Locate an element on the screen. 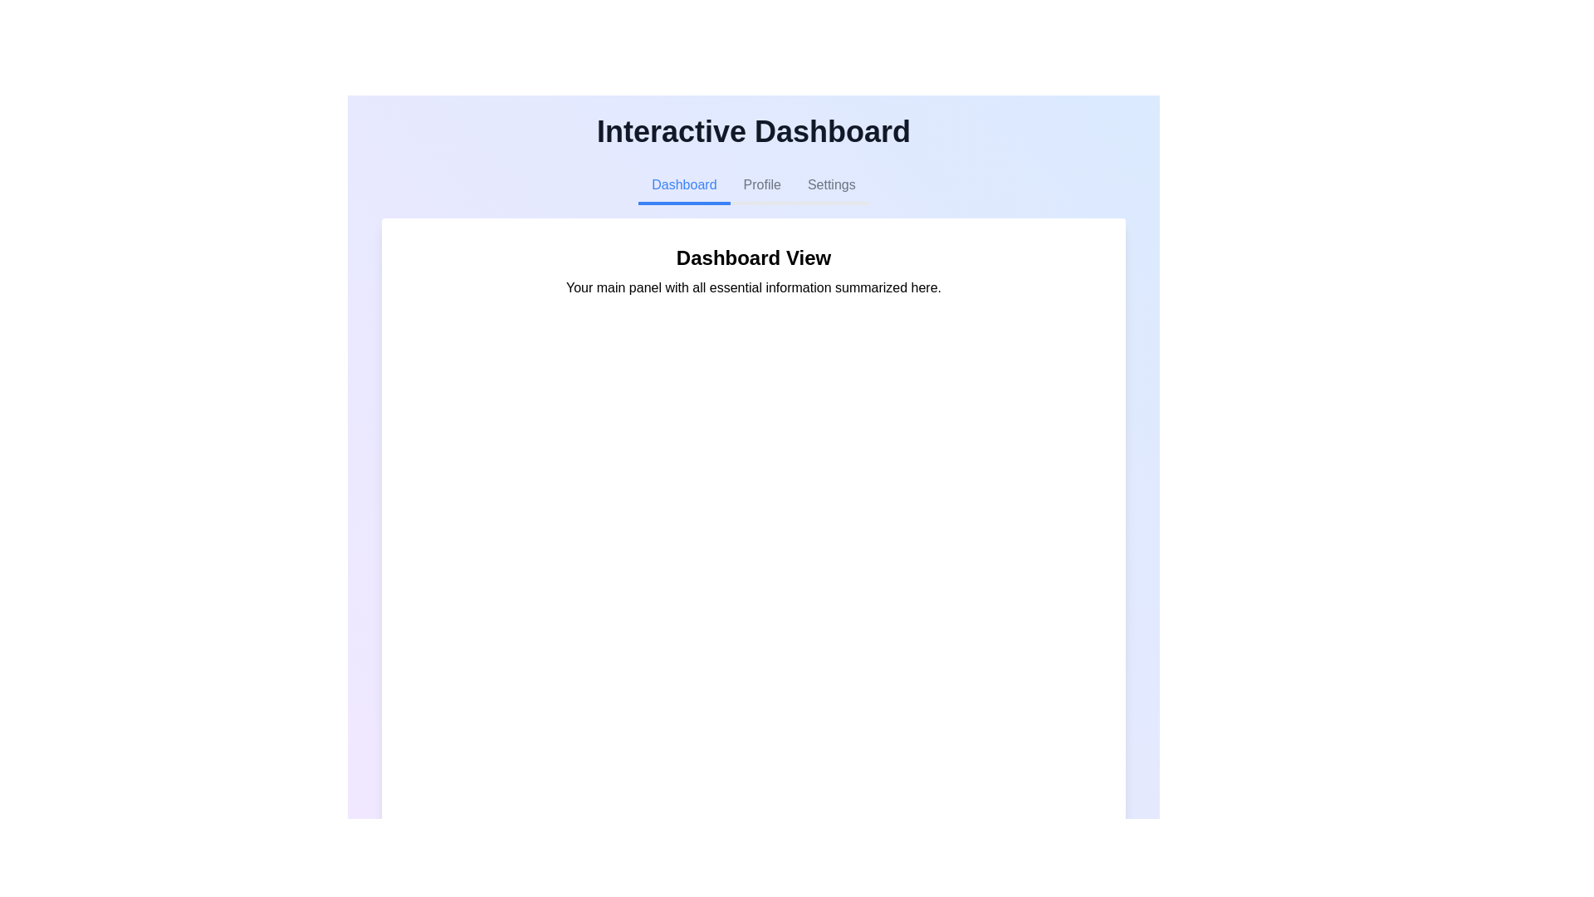 The image size is (1594, 897). the centered heading text displaying 'Interactive Dashboard' in bold, extra-large font at the top of the dashboard interface is located at coordinates (752, 130).